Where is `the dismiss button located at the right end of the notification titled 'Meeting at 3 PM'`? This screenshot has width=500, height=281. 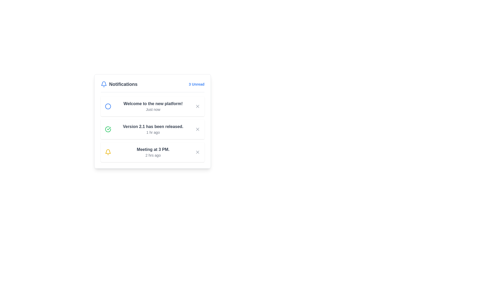 the dismiss button located at the right end of the notification titled 'Meeting at 3 PM' is located at coordinates (197, 152).